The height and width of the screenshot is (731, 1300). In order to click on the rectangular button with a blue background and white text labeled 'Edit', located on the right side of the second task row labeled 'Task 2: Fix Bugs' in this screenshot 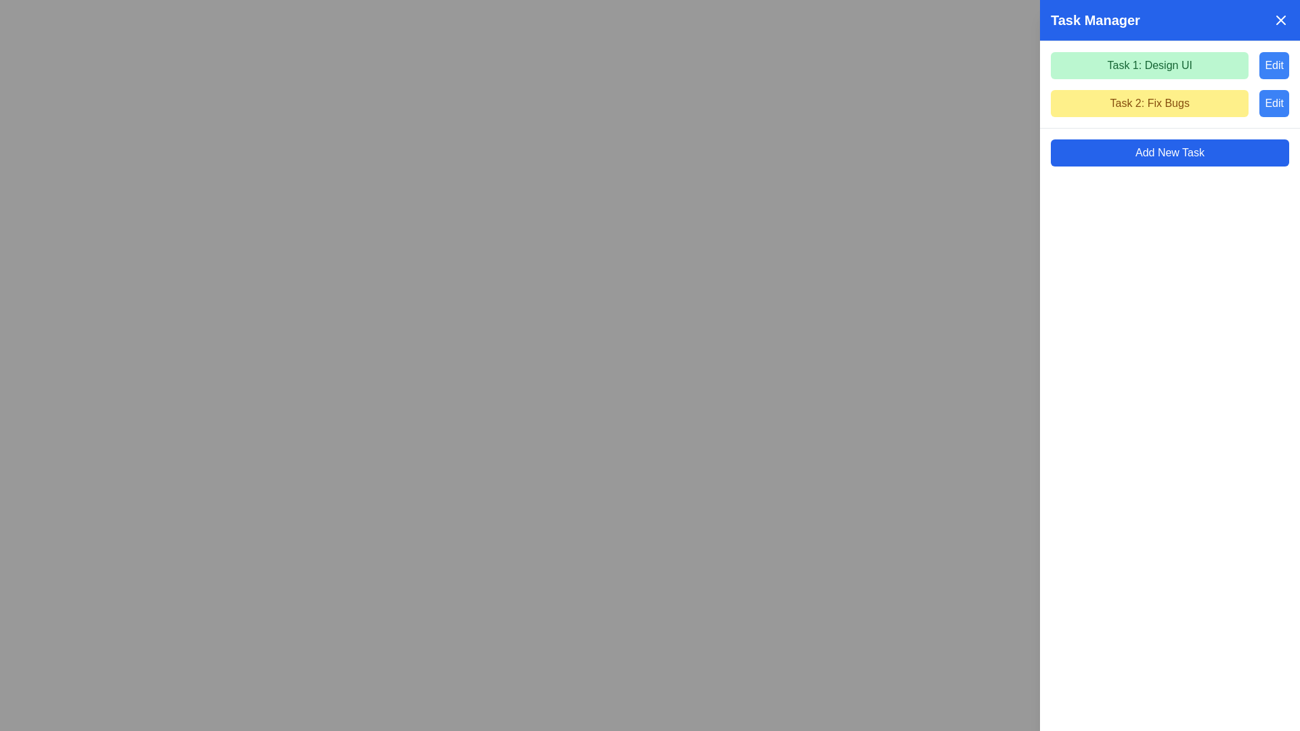, I will do `click(1274, 103)`.